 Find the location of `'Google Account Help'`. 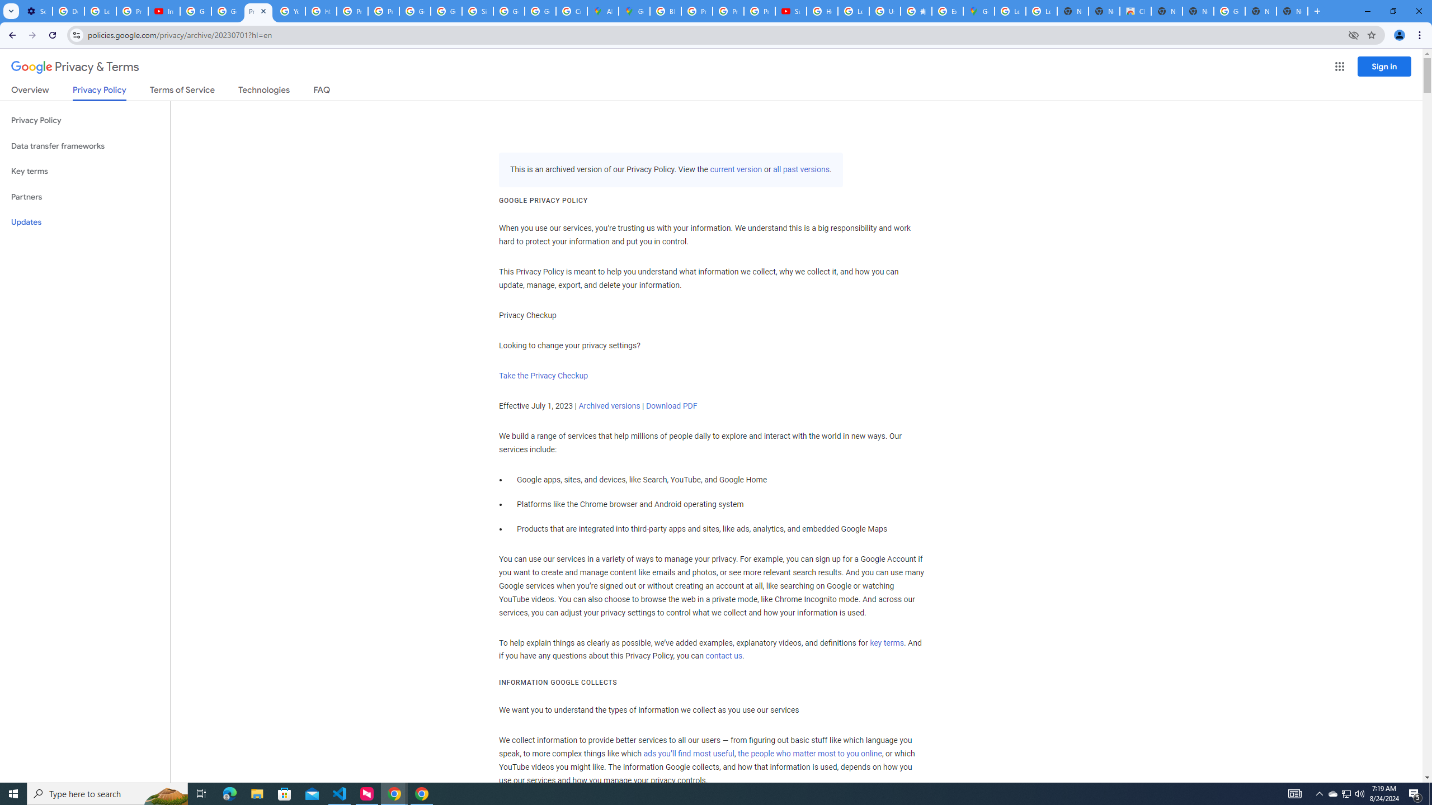

'Google Account Help' is located at coordinates (195, 11).